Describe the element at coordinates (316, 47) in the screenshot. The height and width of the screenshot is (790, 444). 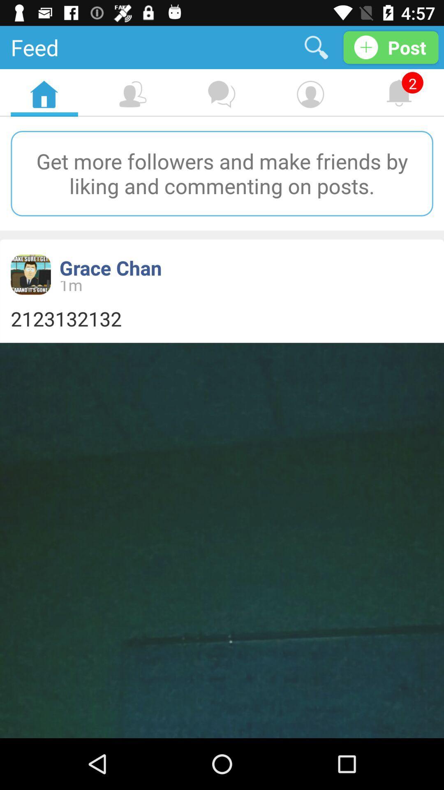
I see `icon to the right of feed item` at that location.